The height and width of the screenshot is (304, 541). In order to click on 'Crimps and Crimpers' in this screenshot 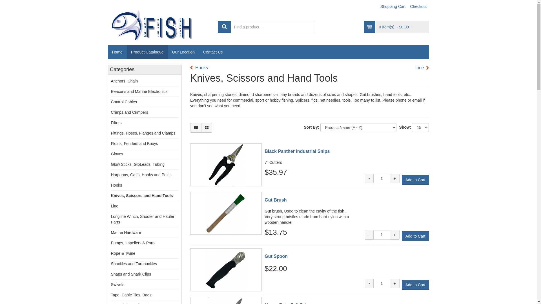, I will do `click(129, 112)`.